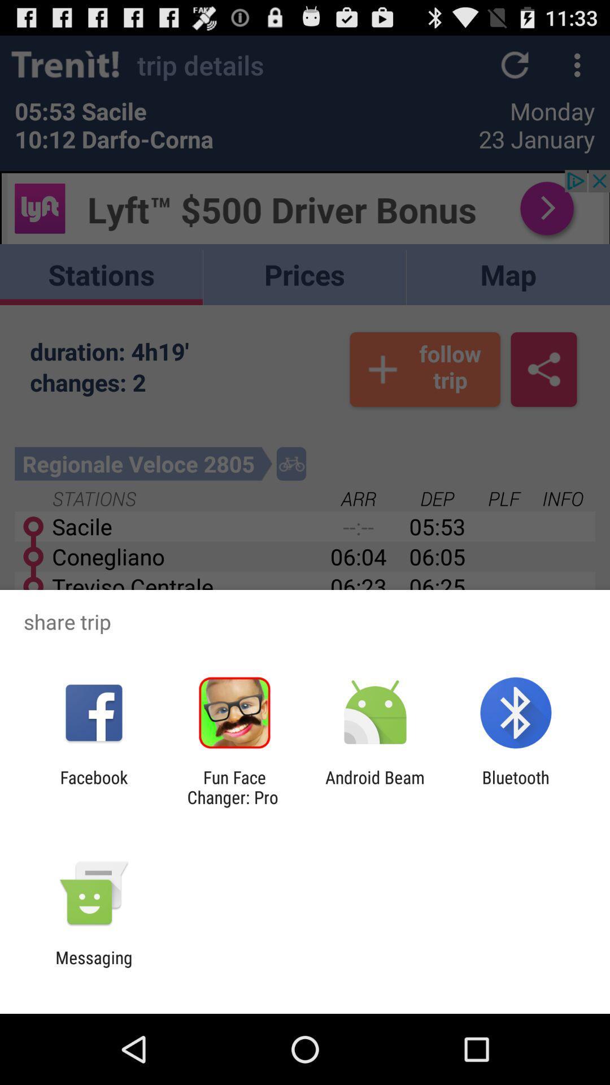 The image size is (610, 1085). What do you see at coordinates (516, 787) in the screenshot?
I see `icon to the right of the android beam app` at bounding box center [516, 787].